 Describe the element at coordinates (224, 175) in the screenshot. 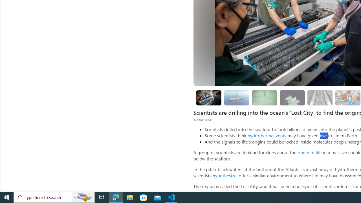

I see `'hypothesize,'` at that location.